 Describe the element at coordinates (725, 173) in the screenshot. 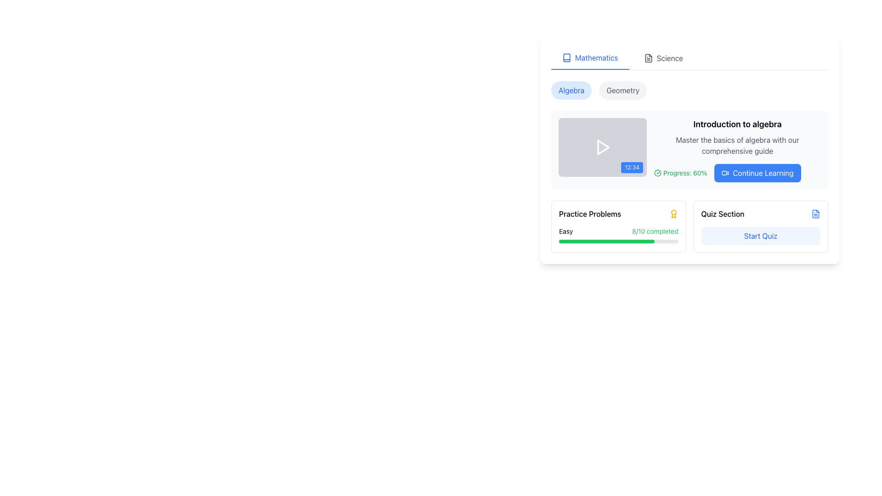

I see `the visual representation of the video camera icon, which is part of the 'Continue Learning' button and features a blue background with a play button on its left side` at that location.